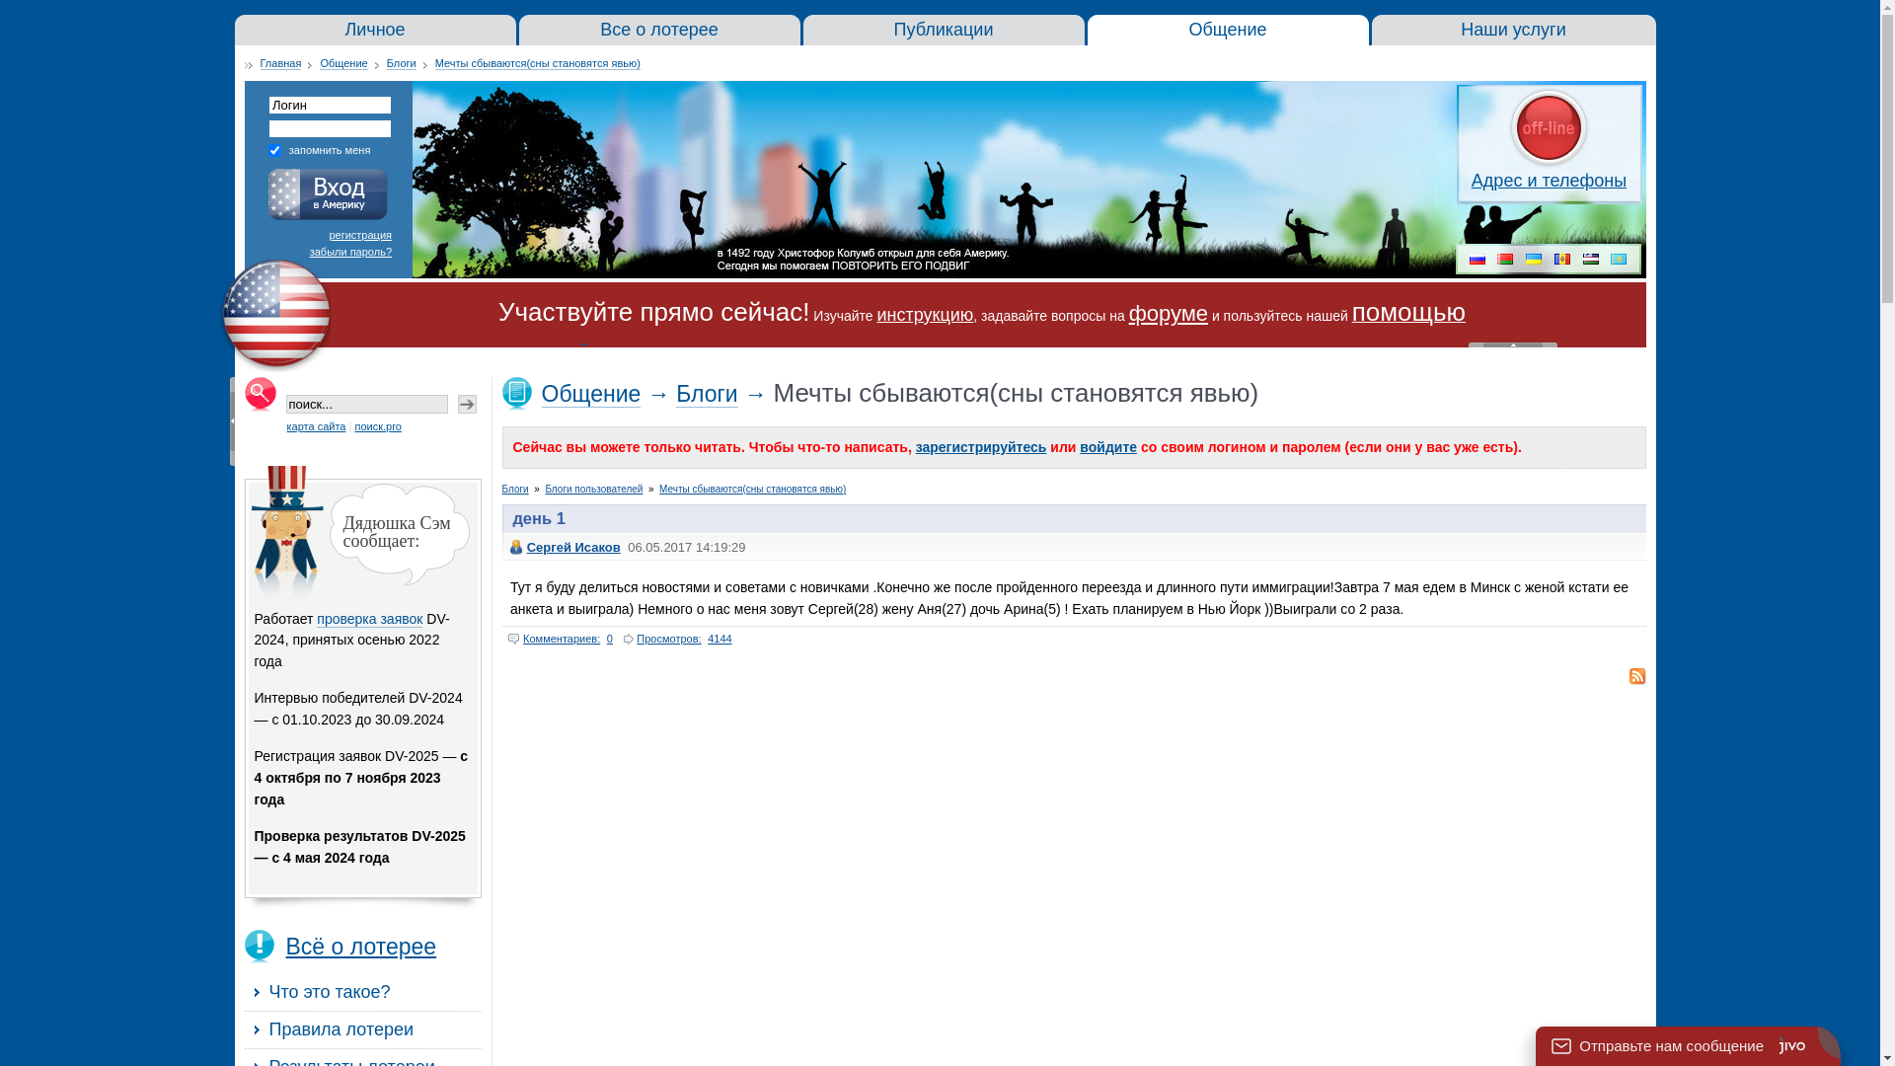 The width and height of the screenshot is (1895, 1066). What do you see at coordinates (1504, 260) in the screenshot?
I see `'by'` at bounding box center [1504, 260].